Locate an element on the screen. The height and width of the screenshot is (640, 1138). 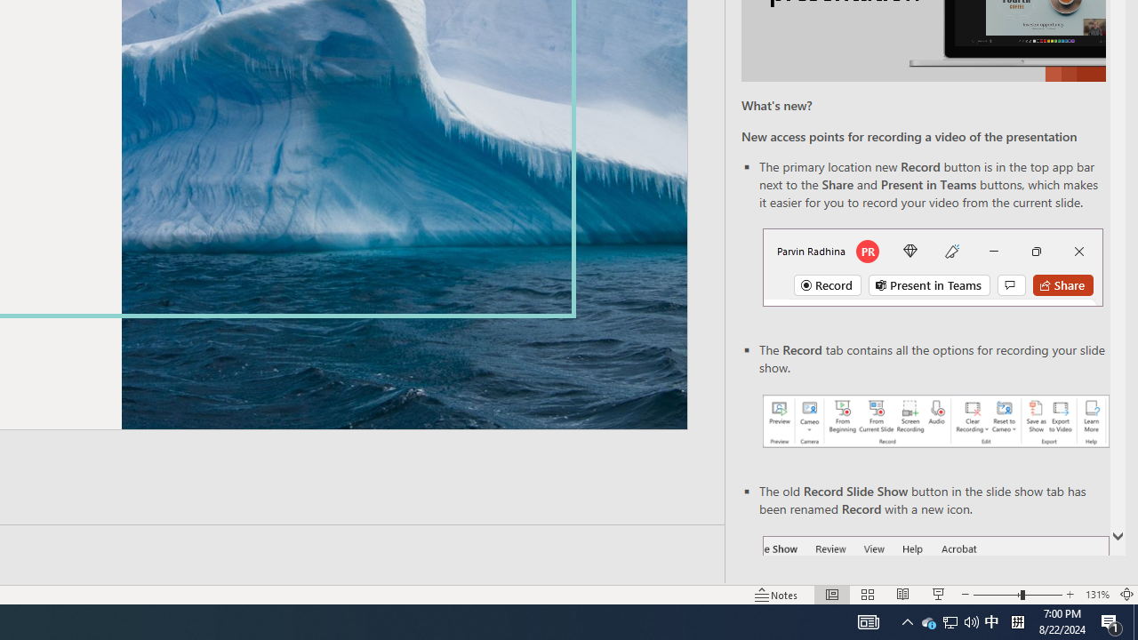
'Zoom 131%' is located at coordinates (1096, 595).